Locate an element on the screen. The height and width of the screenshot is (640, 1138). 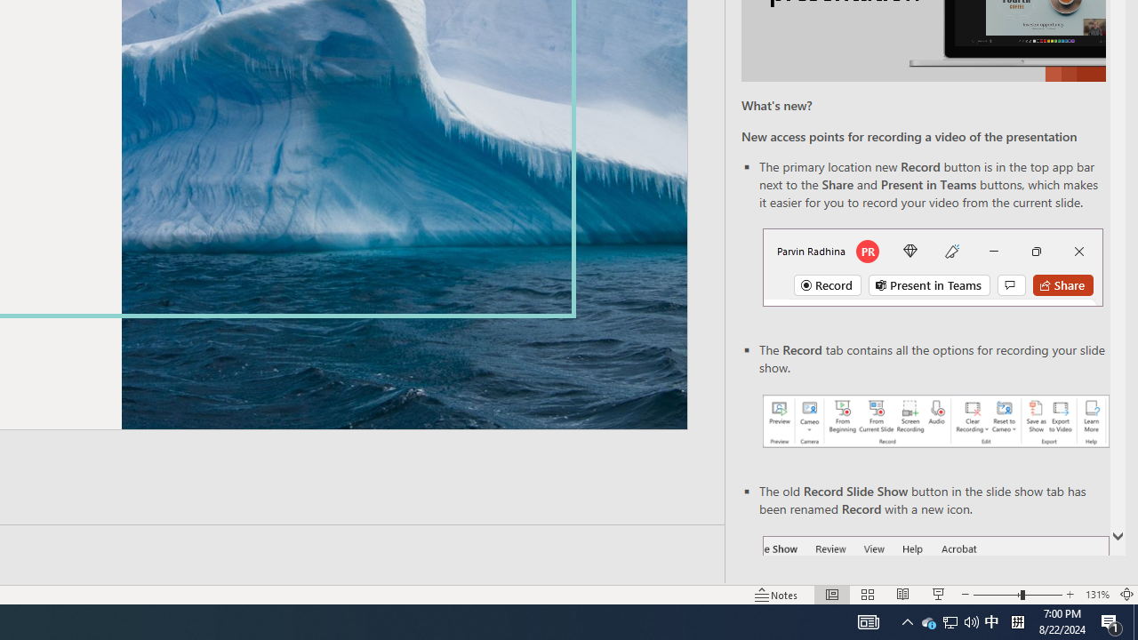
'Zoom 131%' is located at coordinates (1096, 595).